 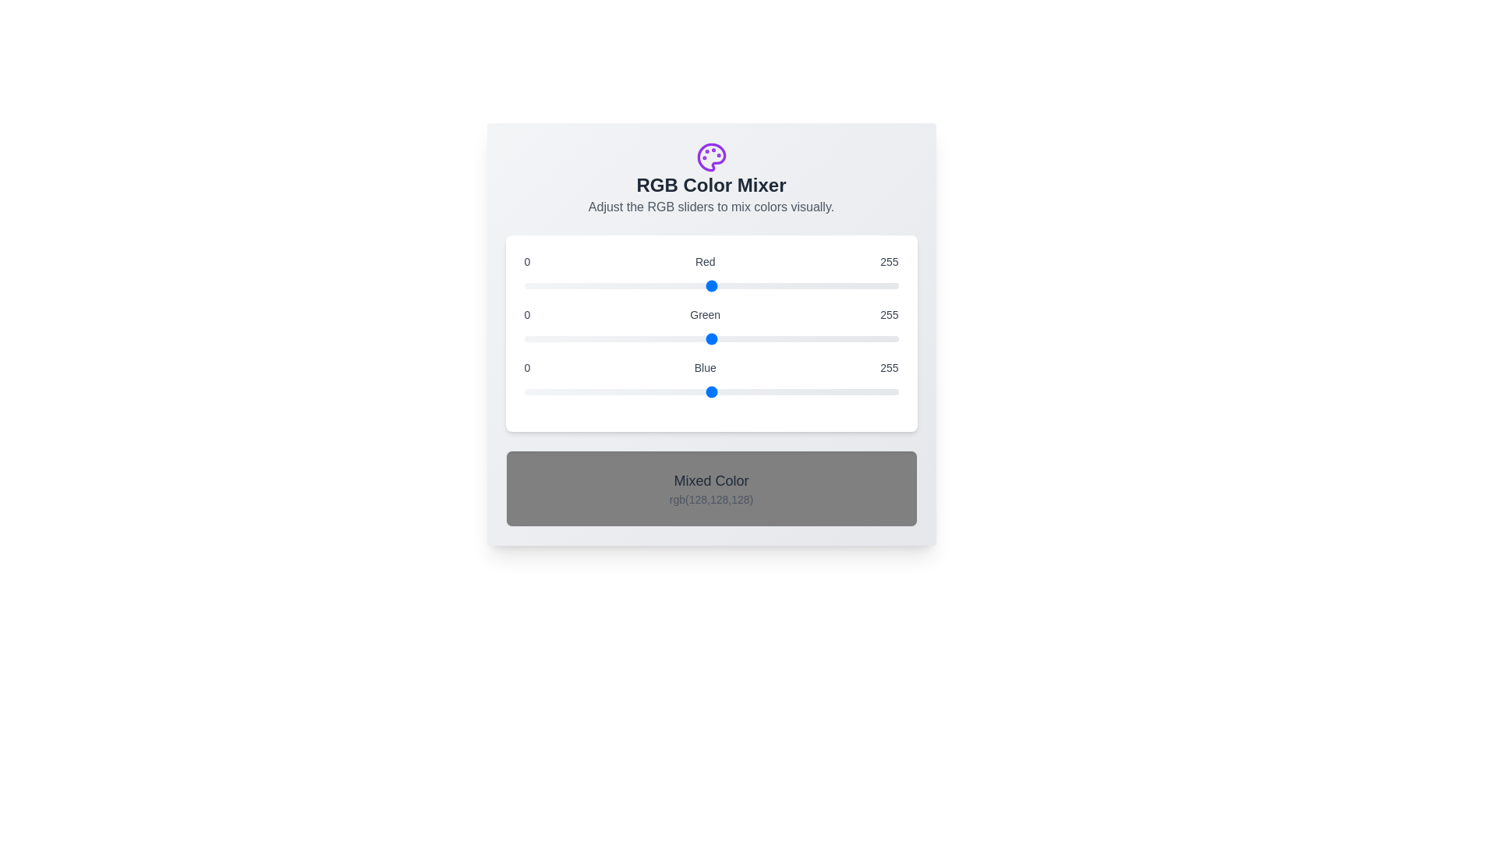 What do you see at coordinates (710, 338) in the screenshot?
I see `the 1 slider to the value 82 to observe the resulting mixed color` at bounding box center [710, 338].